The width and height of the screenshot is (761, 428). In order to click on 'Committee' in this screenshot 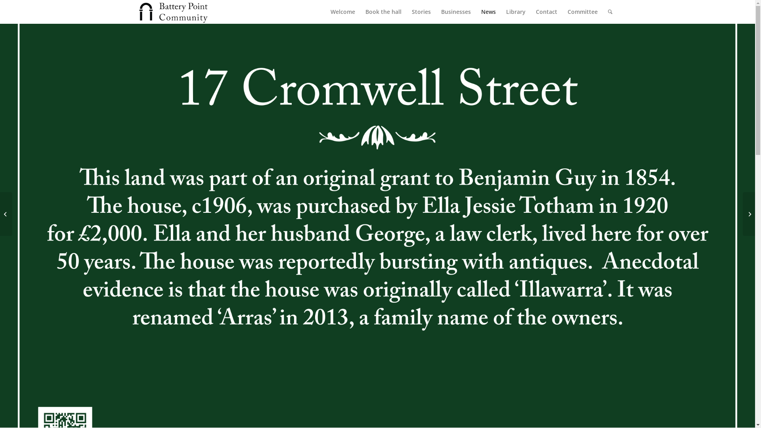, I will do `click(582, 12)`.